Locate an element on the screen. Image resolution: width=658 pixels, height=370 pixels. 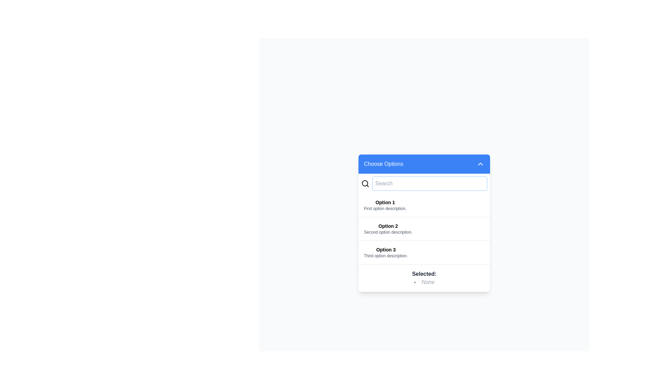
the text label containing 'First option description', which is styled with a small font size and gray color, positioned directly below the bold title 'Option 1' is located at coordinates (385, 208).